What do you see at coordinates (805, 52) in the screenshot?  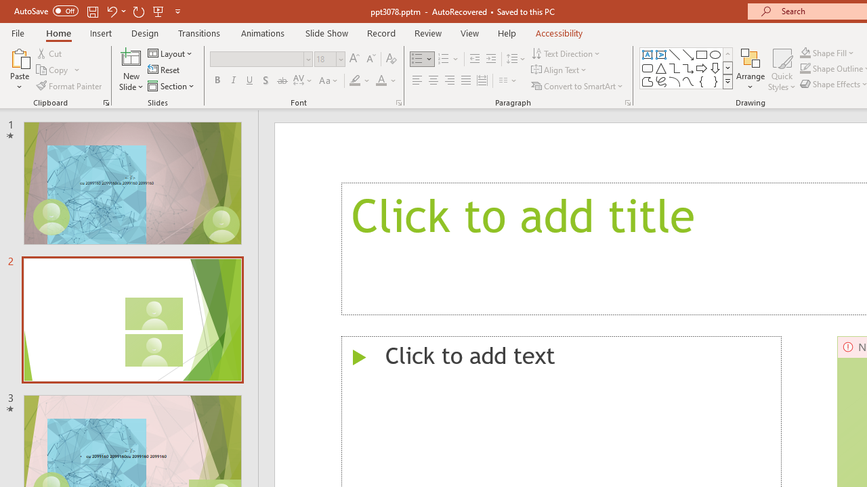 I see `'Shape Fill Dark Green, Accent 2'` at bounding box center [805, 52].